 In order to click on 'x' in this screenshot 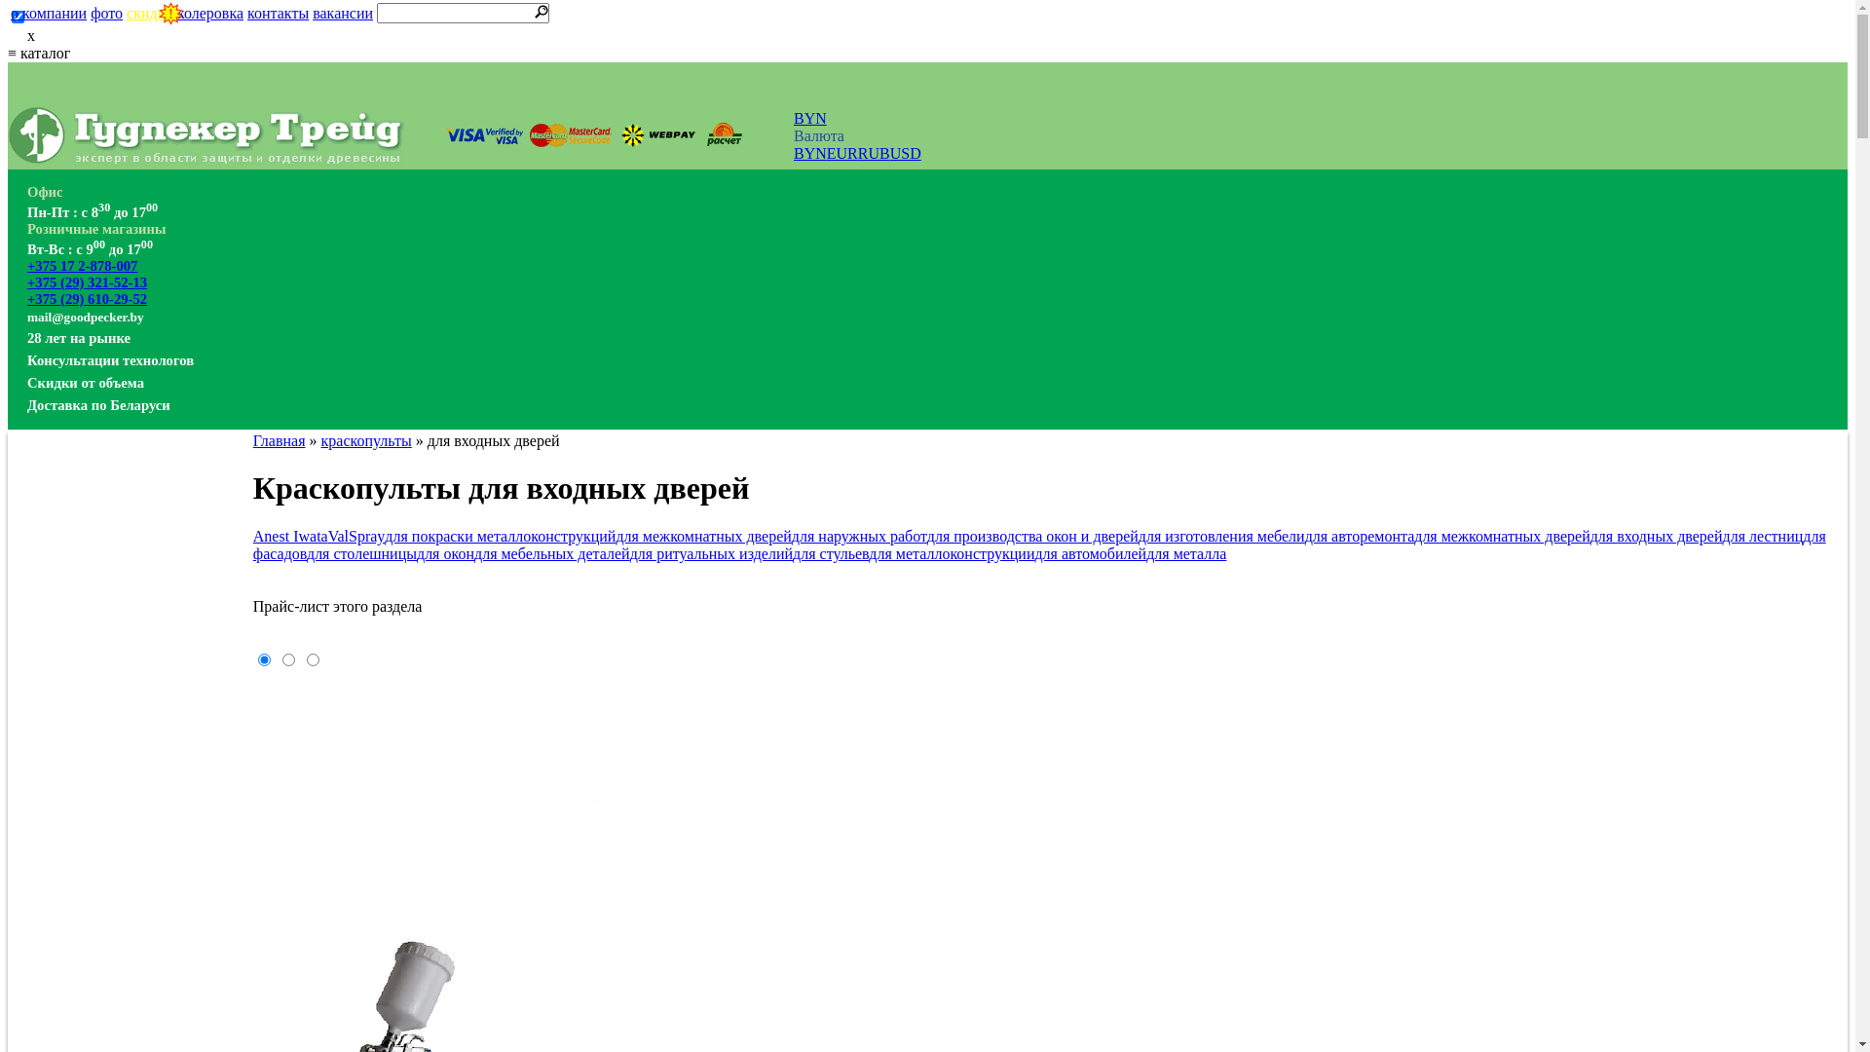, I will do `click(8, 36)`.